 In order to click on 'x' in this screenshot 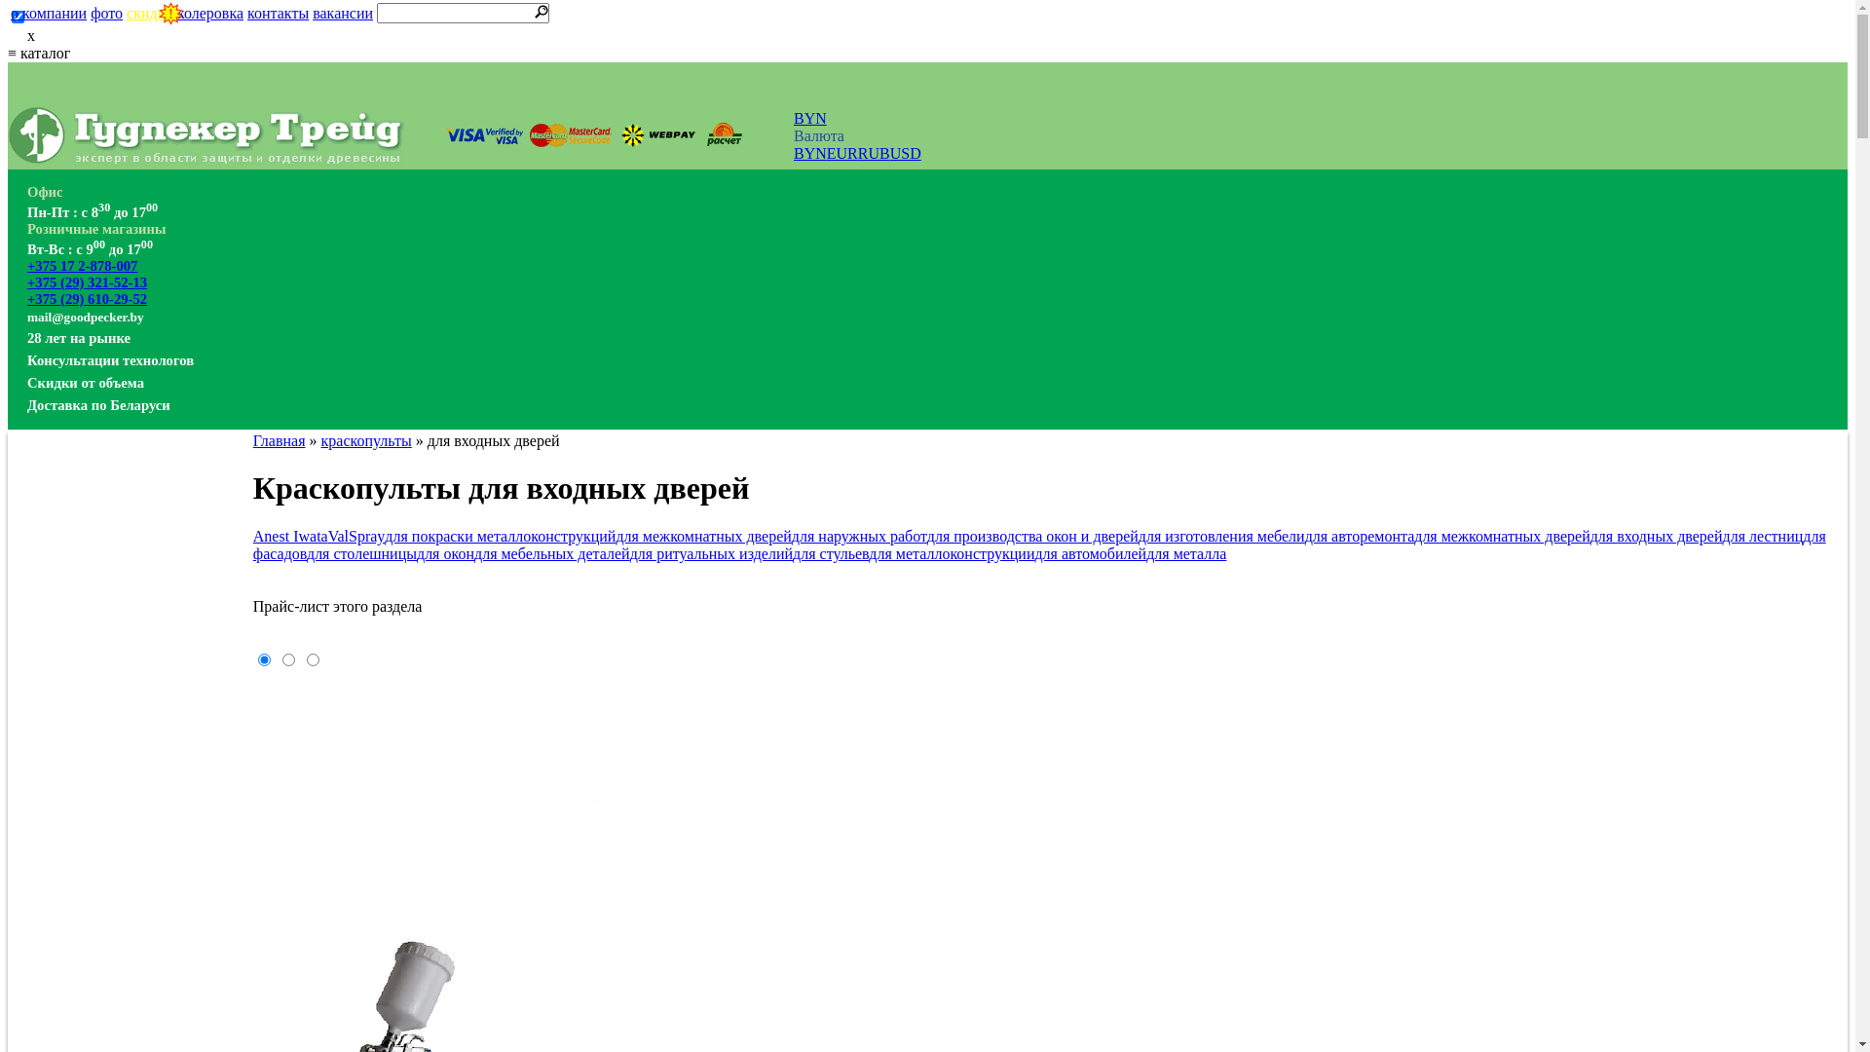, I will do `click(8, 36)`.